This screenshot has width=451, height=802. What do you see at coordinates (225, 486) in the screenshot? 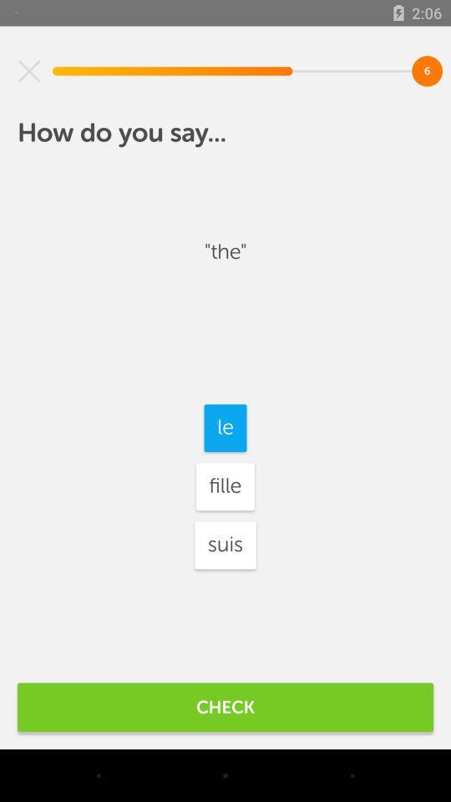
I see `icon below the le item` at bounding box center [225, 486].